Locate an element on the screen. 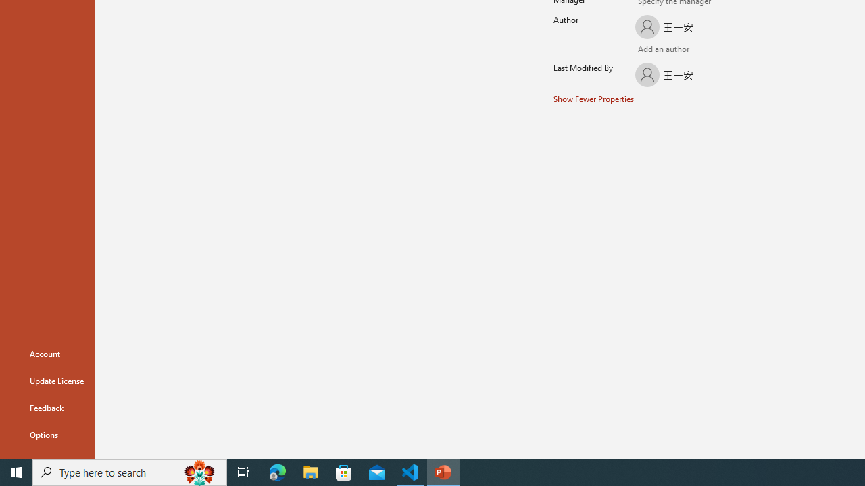  'Account' is located at coordinates (47, 353).